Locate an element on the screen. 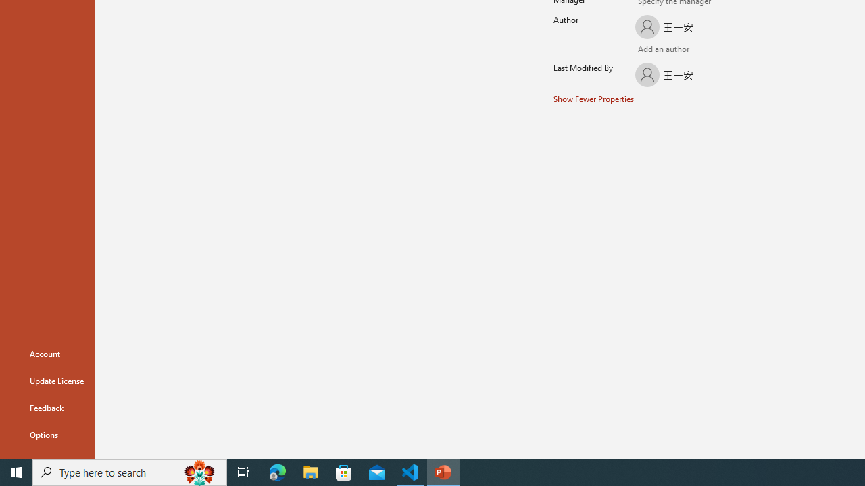  'Account' is located at coordinates (47, 353).